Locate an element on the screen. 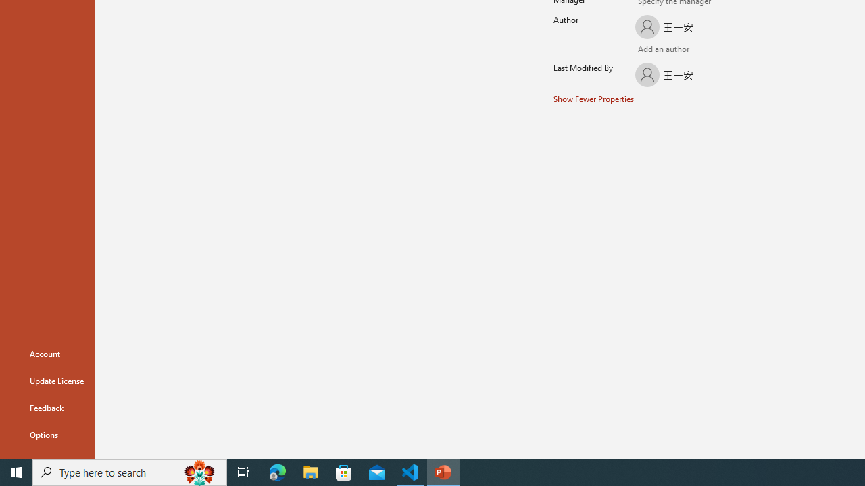  'Account' is located at coordinates (47, 353).